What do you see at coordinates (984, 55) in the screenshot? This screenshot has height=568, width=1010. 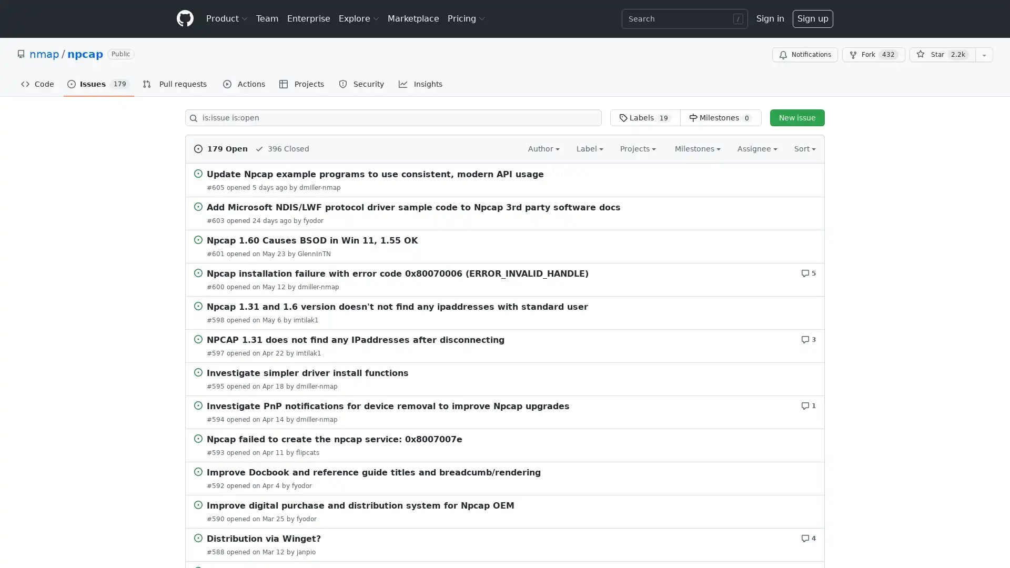 I see `You must be signed in to add this repository to a list` at bounding box center [984, 55].